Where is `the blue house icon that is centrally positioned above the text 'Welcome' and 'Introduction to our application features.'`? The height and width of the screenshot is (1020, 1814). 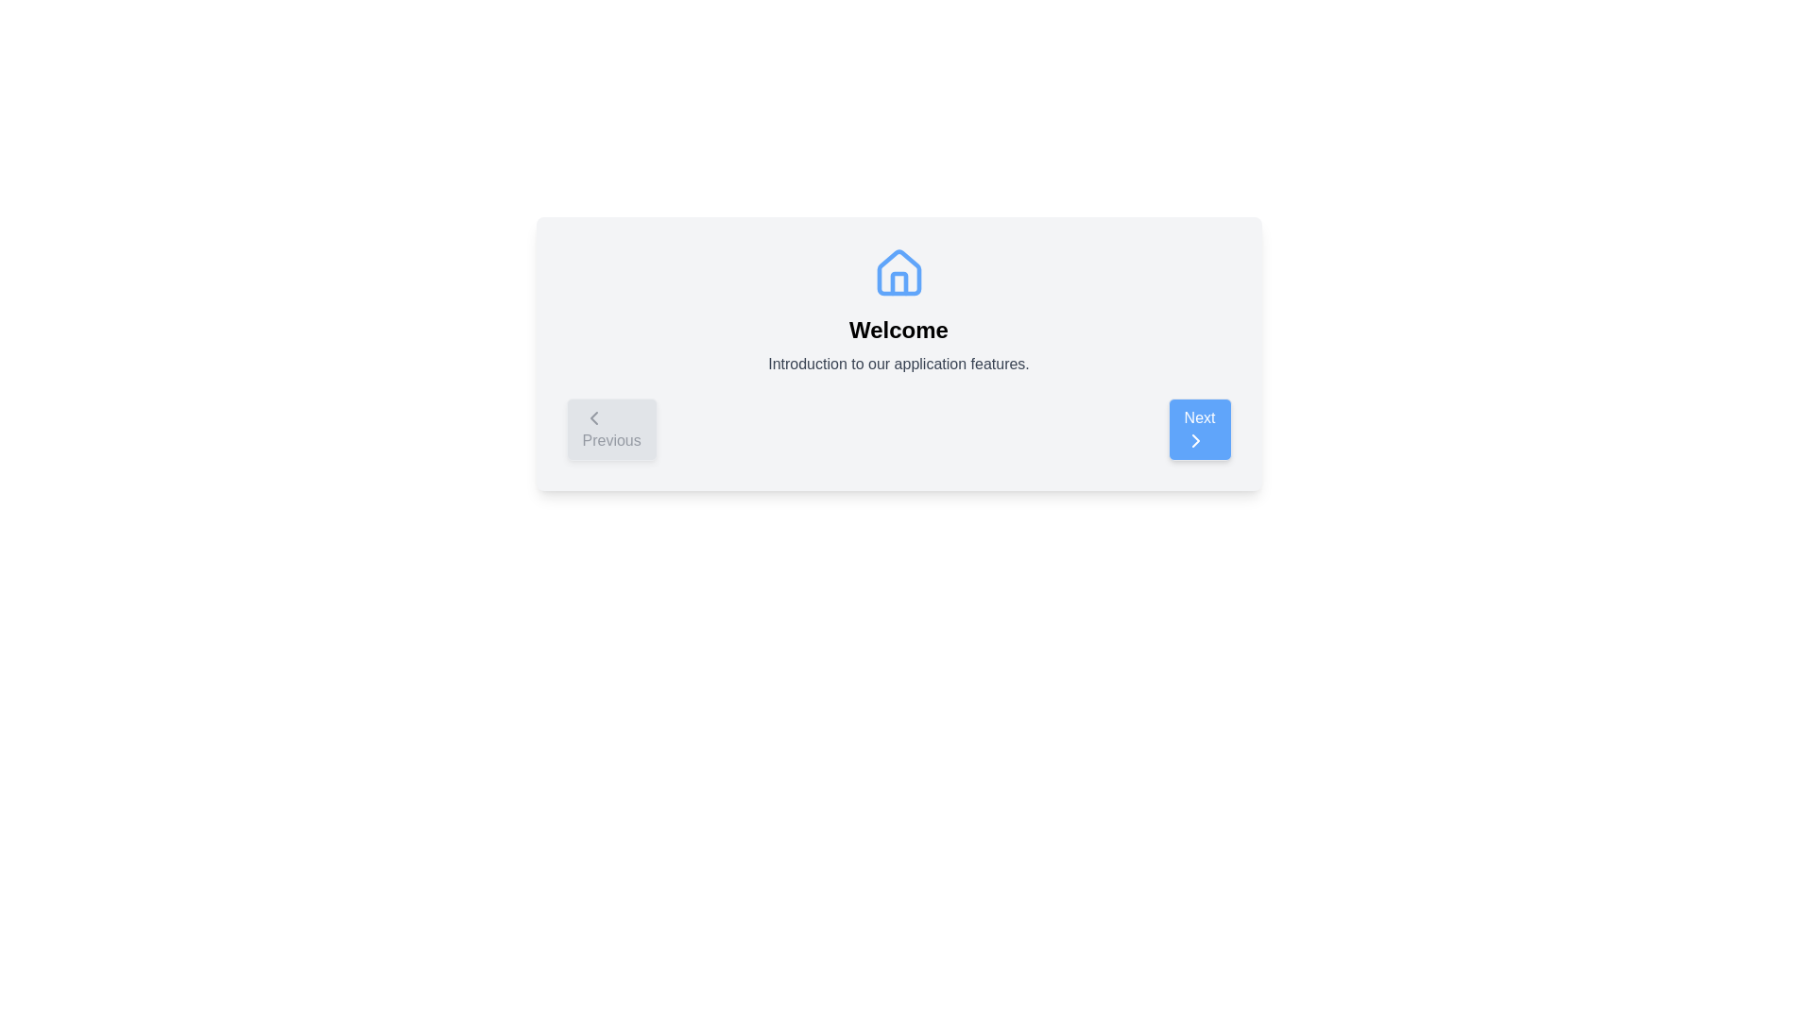 the blue house icon that is centrally positioned above the text 'Welcome' and 'Introduction to our application features.' is located at coordinates (898, 273).